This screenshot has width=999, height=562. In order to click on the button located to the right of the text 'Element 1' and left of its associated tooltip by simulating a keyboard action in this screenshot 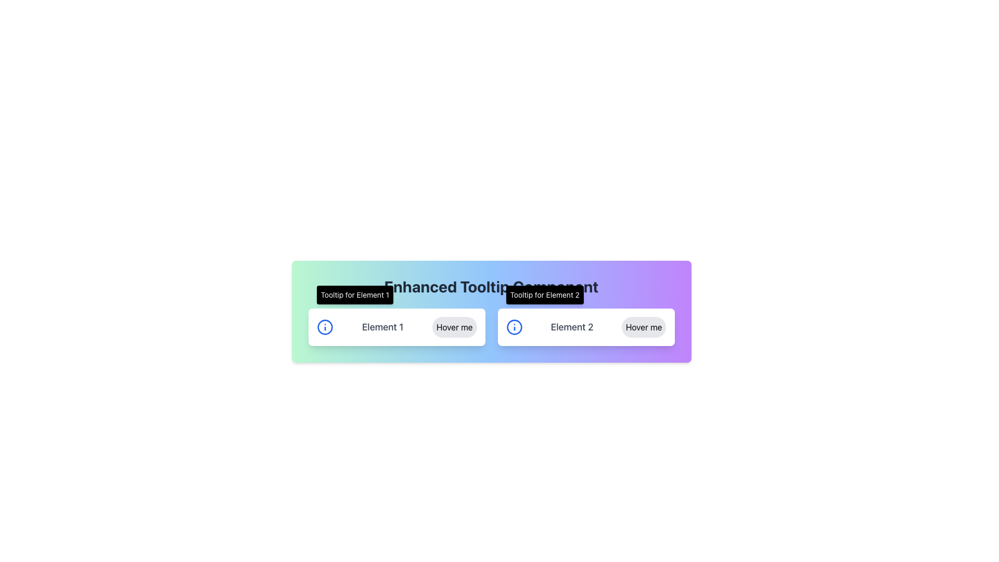, I will do `click(454, 326)`.